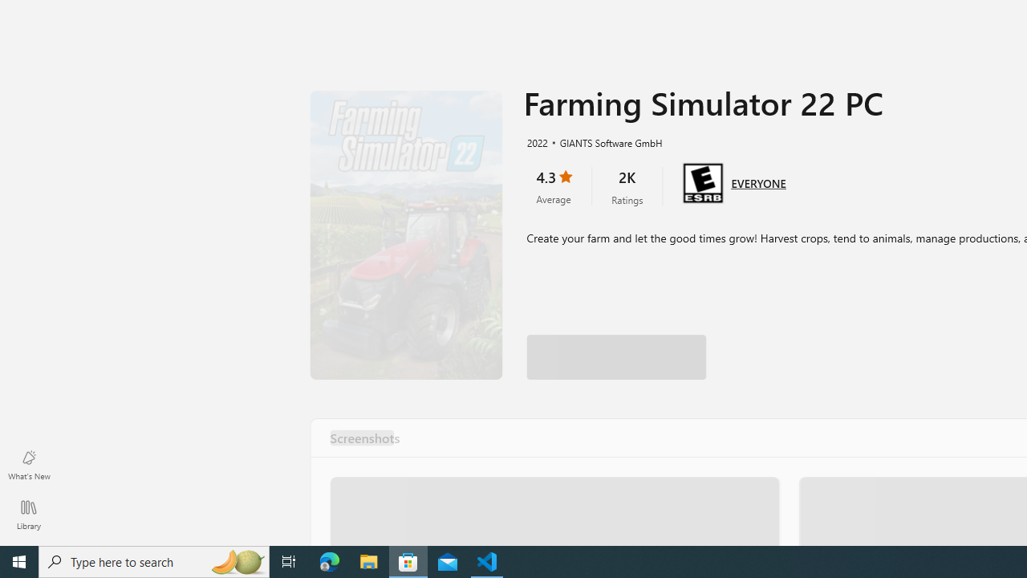 The height and width of the screenshot is (578, 1027). What do you see at coordinates (536, 141) in the screenshot?
I see `'2022'` at bounding box center [536, 141].